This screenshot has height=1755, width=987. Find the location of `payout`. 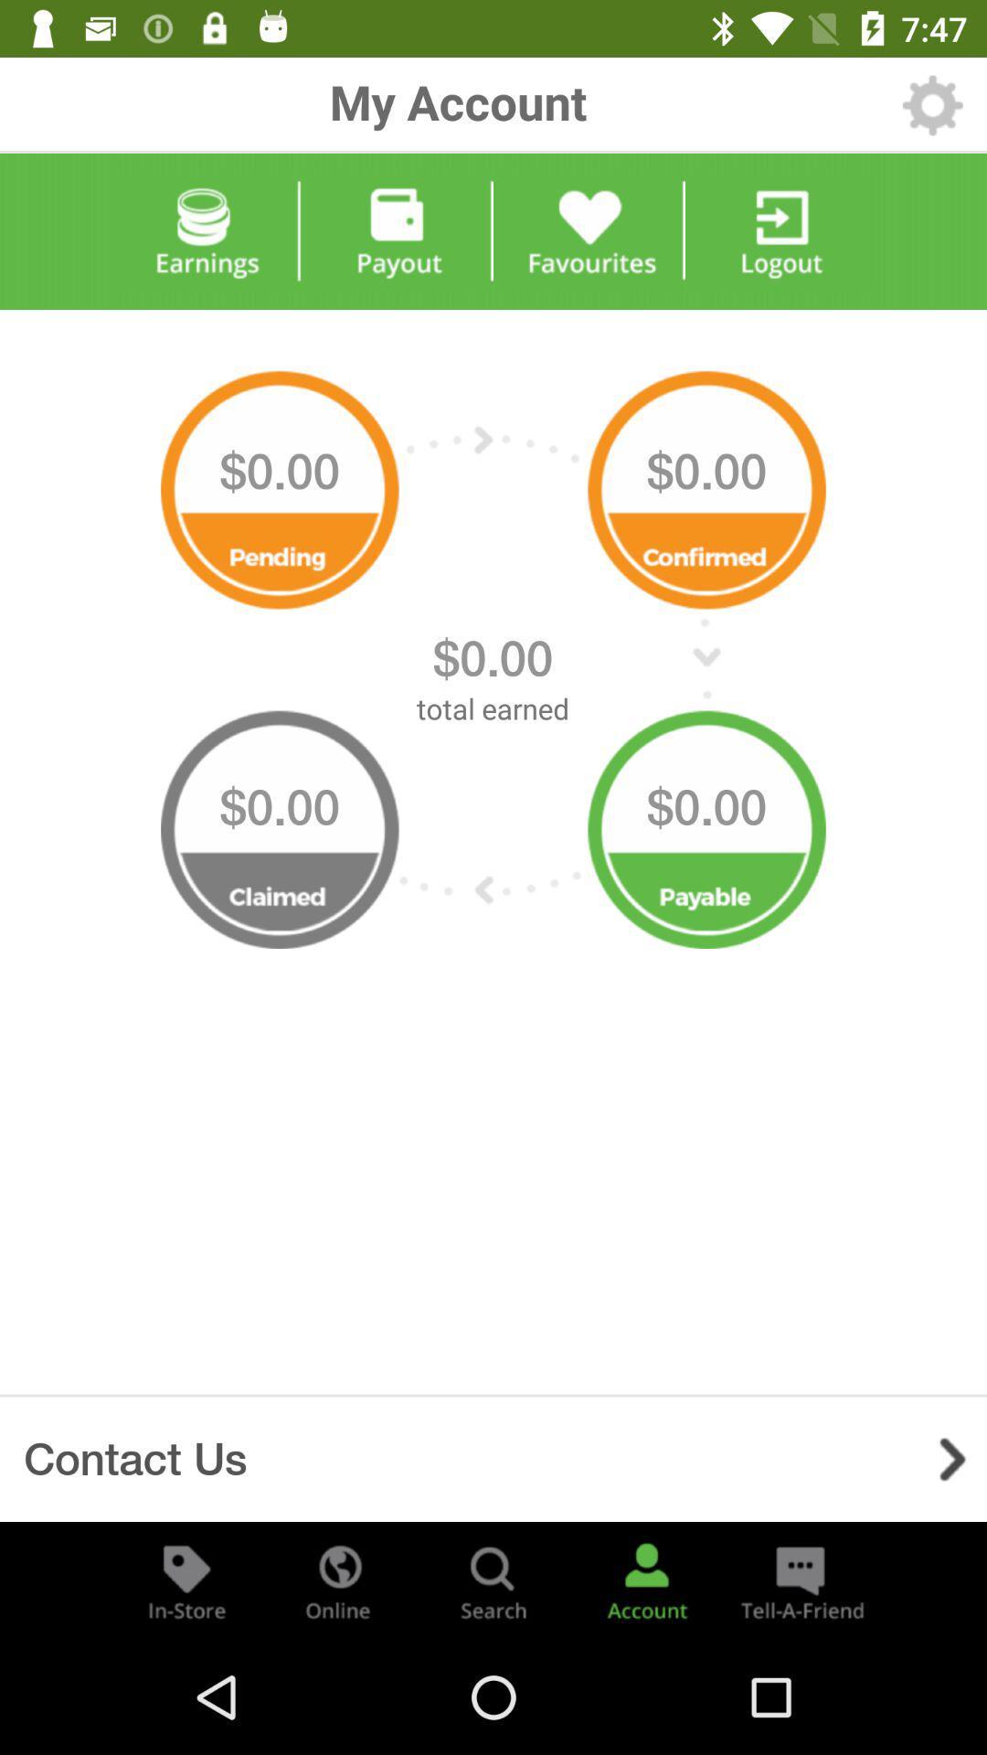

payout is located at coordinates (397, 231).